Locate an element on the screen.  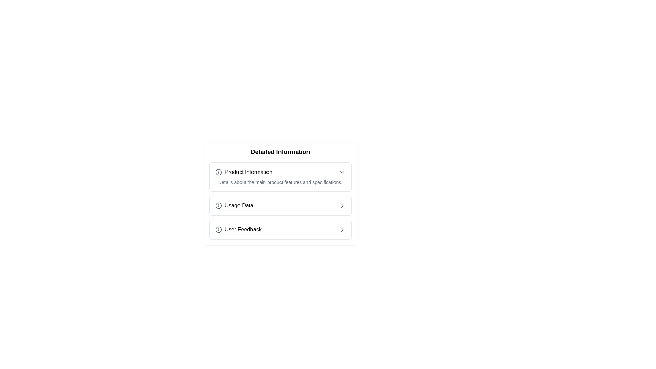
the second selectable list item labeled 'Usage Data' is located at coordinates (280, 205).